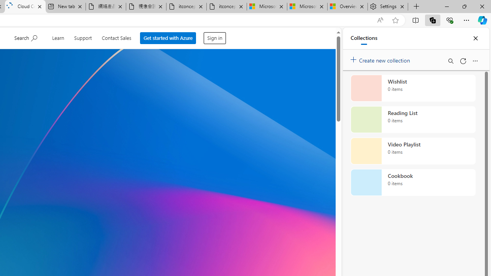 The width and height of the screenshot is (491, 276). Describe the element at coordinates (413, 182) in the screenshot. I see `'Cookbook collection, 0 items'` at that location.